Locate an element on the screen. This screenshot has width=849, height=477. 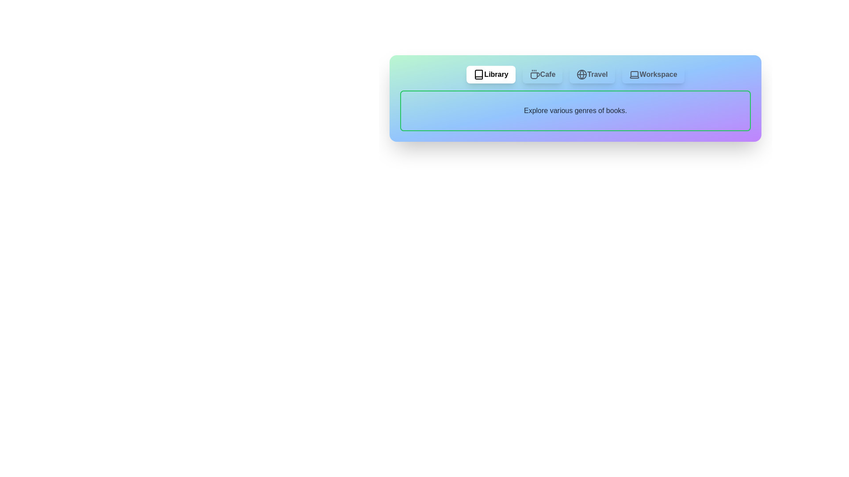
the Library tab by clicking on its corresponding button is located at coordinates (490, 74).